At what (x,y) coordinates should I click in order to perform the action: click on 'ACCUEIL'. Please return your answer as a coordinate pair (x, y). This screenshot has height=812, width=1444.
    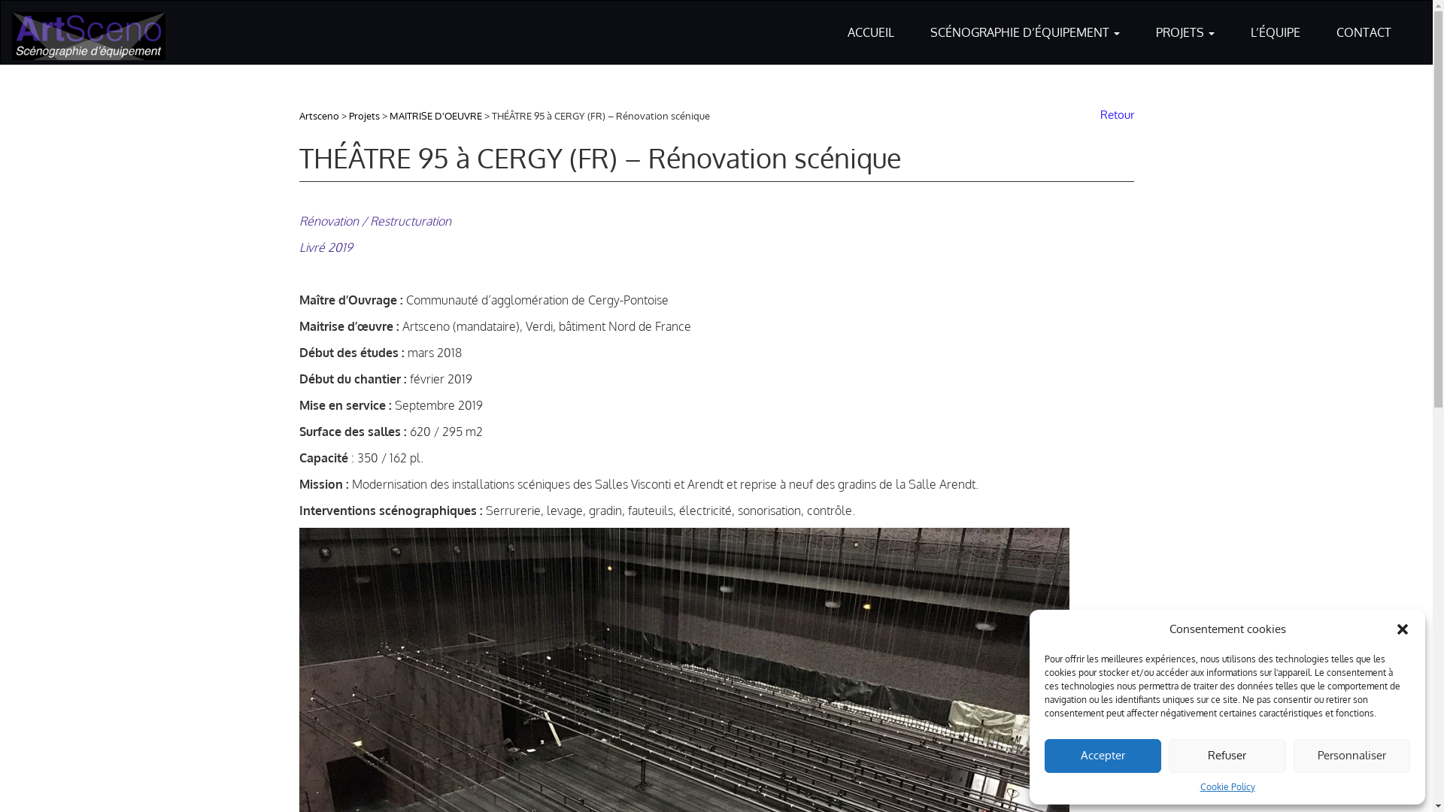
    Looking at the image, I should click on (870, 23).